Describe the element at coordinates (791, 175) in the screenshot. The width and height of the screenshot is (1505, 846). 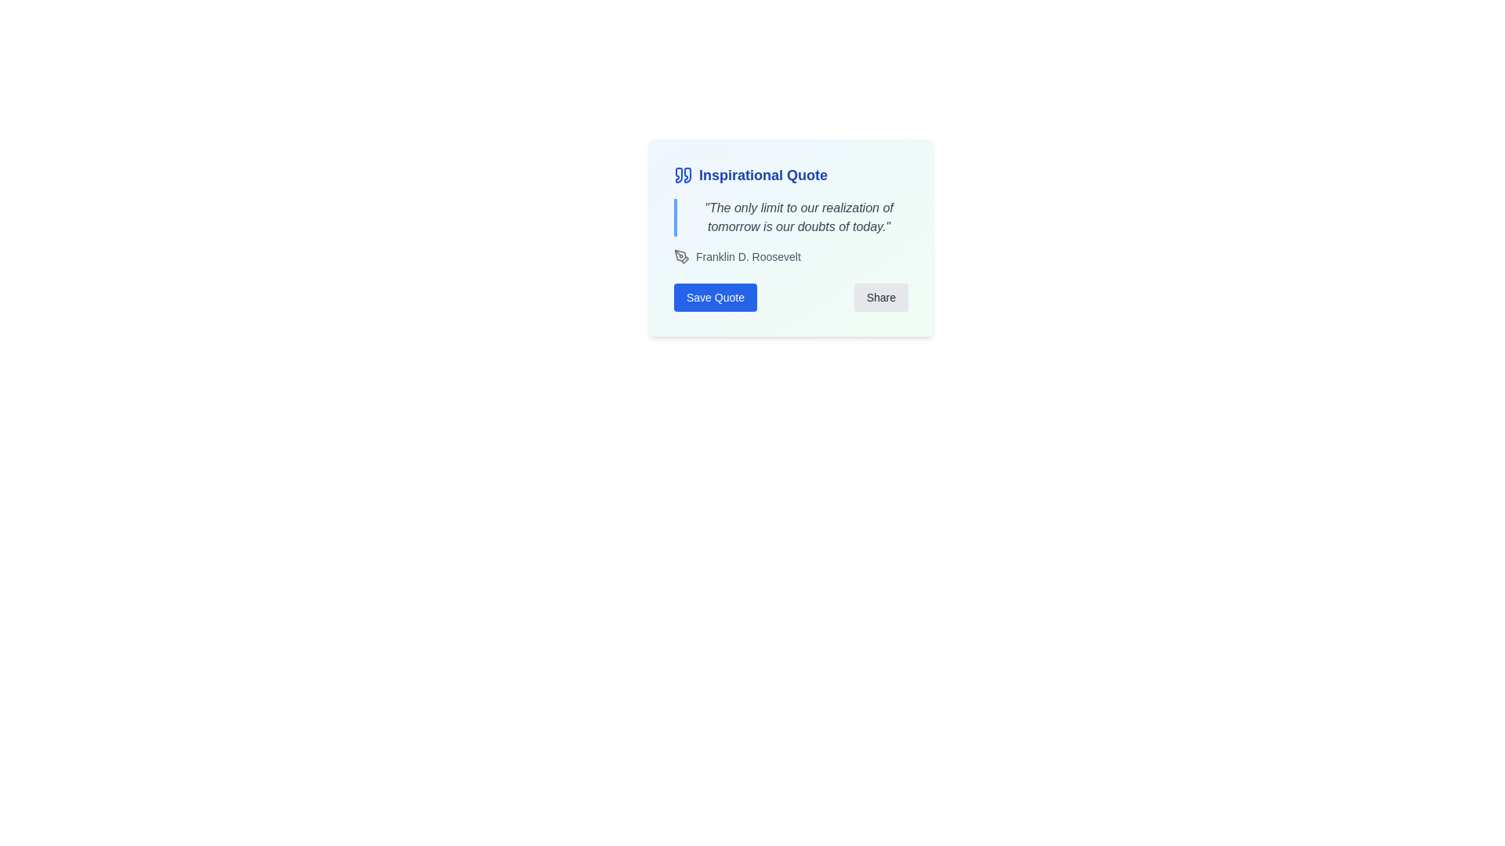
I see `the 'What this Text with Icon does' element, which serves as a title or header for the card, located at the top section of the card` at that location.